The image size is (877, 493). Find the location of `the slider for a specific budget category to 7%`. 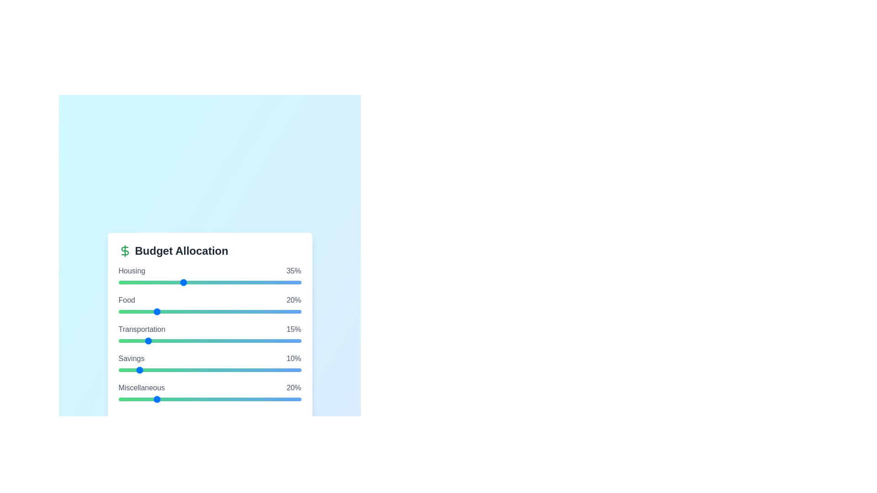

the slider for a specific budget category to 7% is located at coordinates (131, 282).